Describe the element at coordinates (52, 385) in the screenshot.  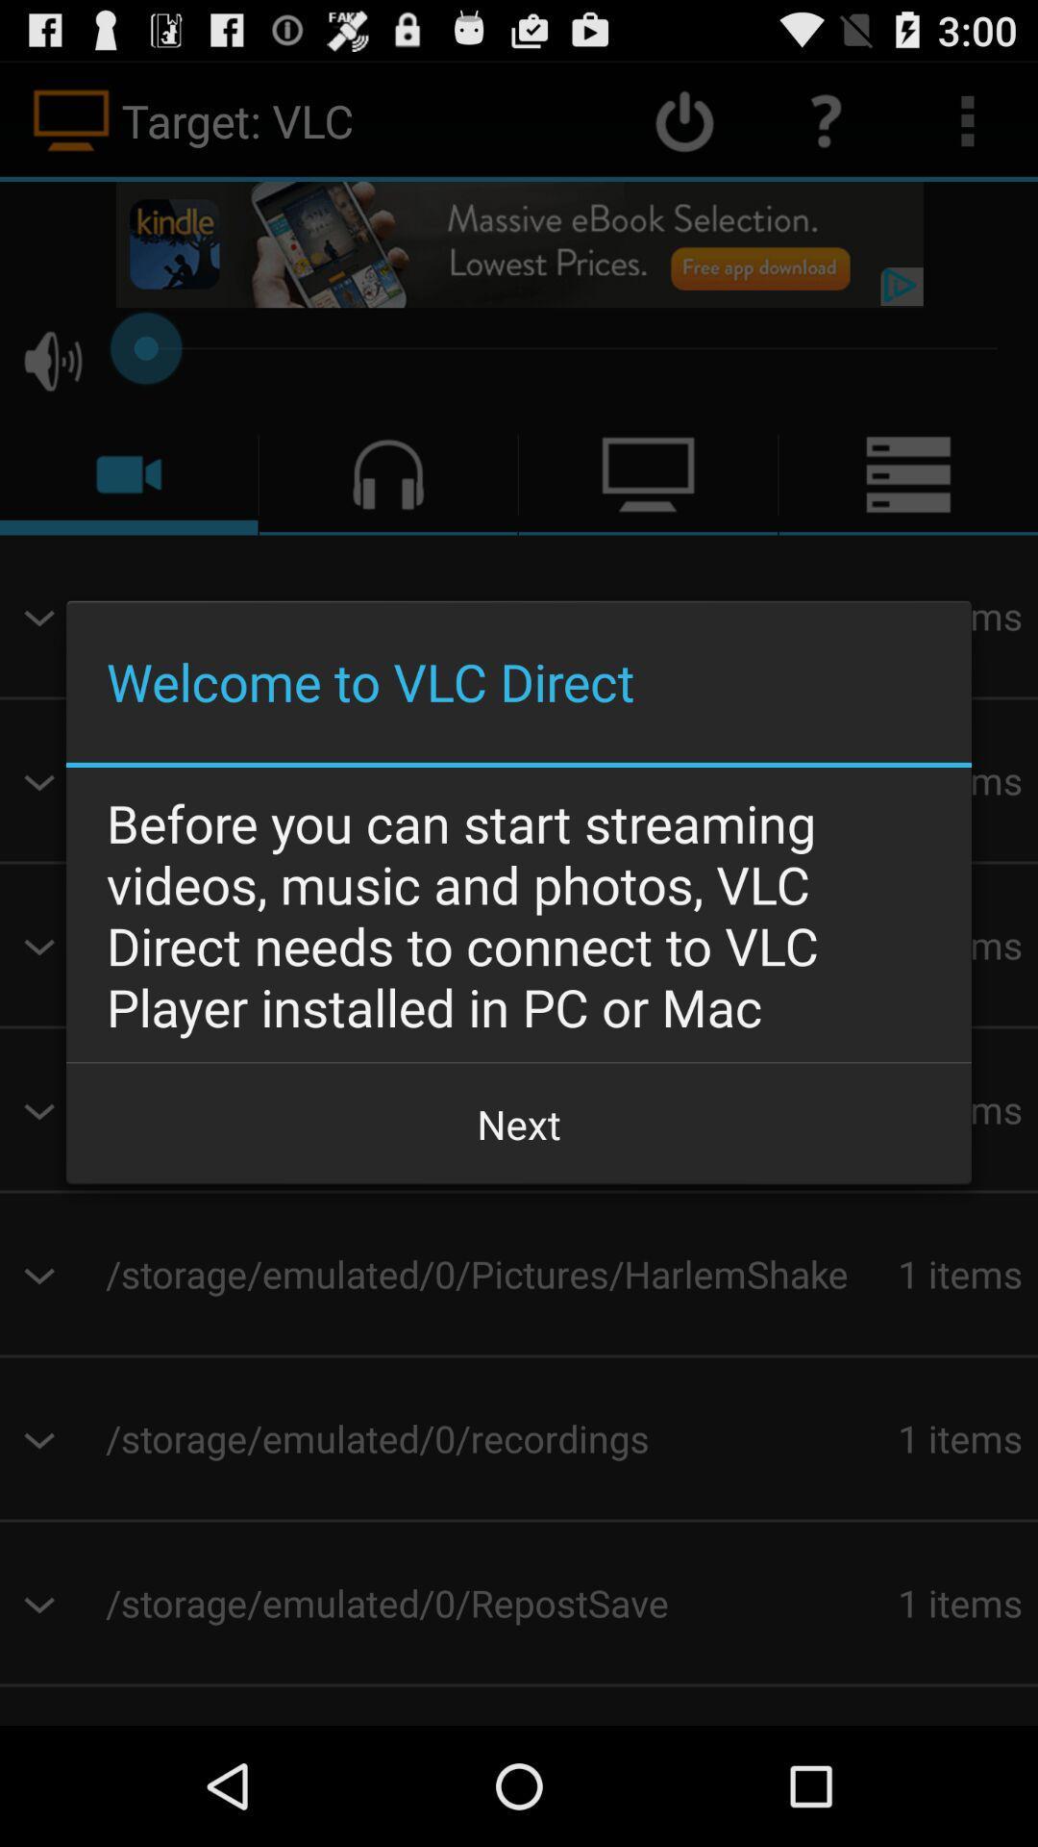
I see `the volume icon` at that location.